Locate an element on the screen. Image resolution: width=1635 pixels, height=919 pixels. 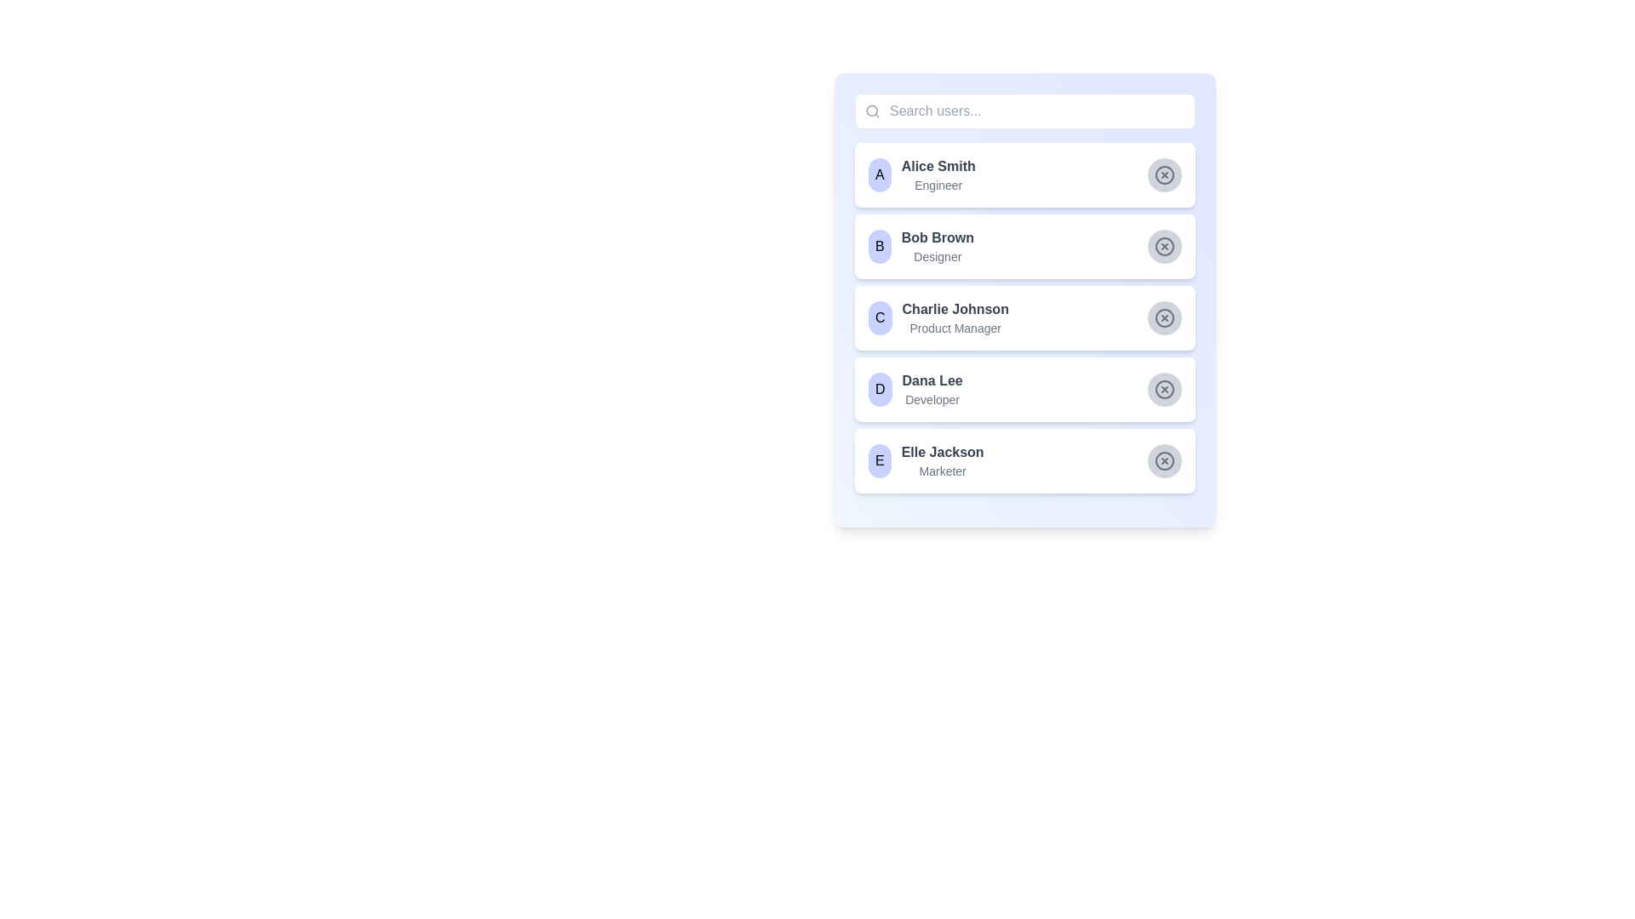
the user name label displaying 'Dana Lee' in the user selection panel, which is located above the role text 'Developer' is located at coordinates (932, 380).